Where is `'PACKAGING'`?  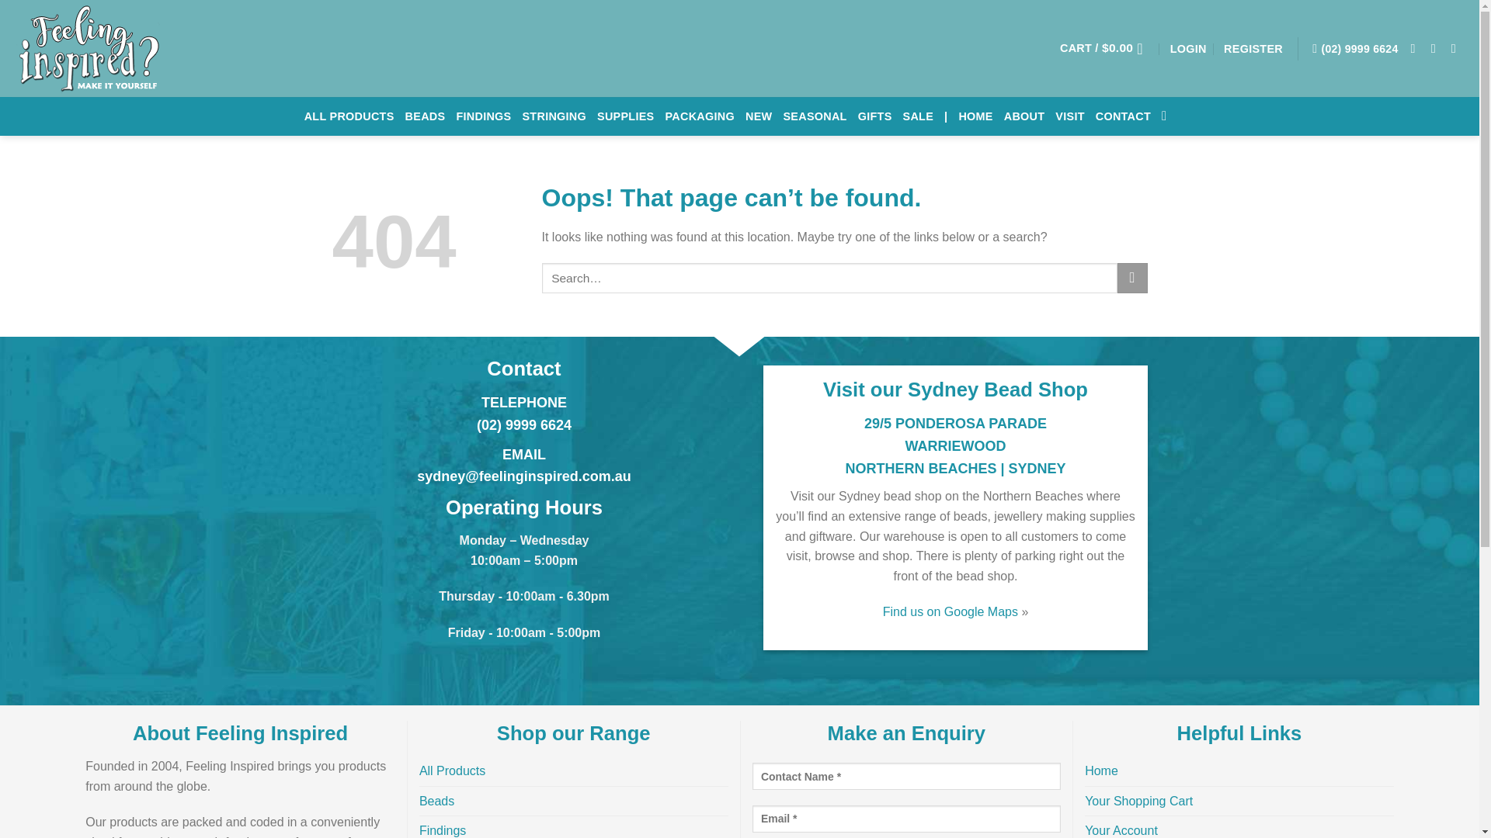
'PACKAGING' is located at coordinates (699, 116).